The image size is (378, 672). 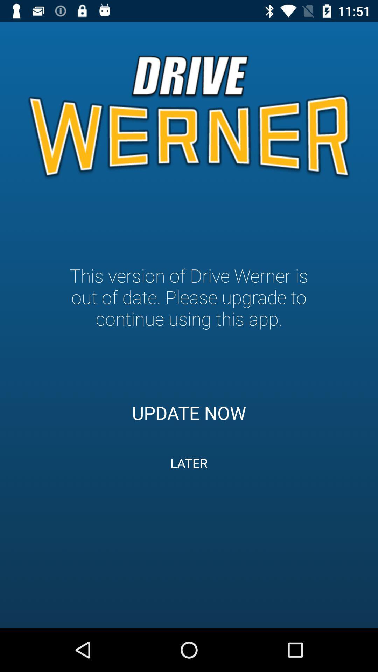 What do you see at coordinates (189, 413) in the screenshot?
I see `the update now item` at bounding box center [189, 413].